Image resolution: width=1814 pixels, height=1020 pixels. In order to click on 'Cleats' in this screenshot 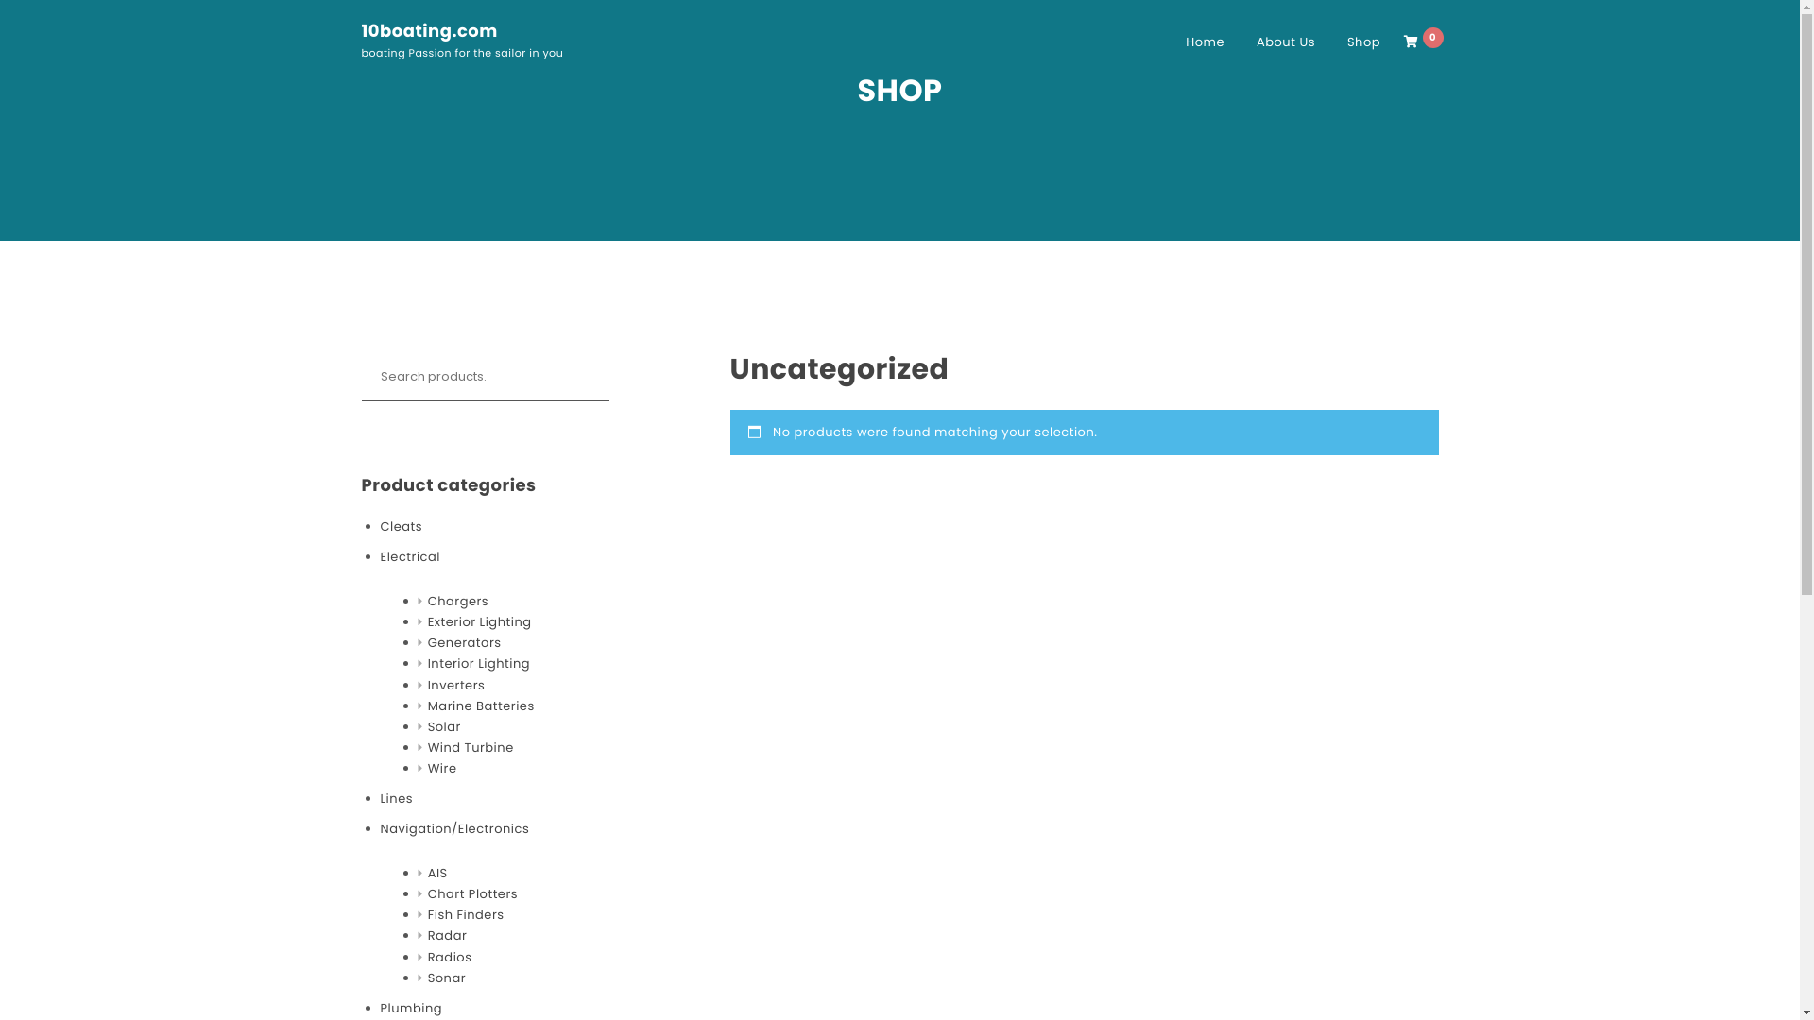, I will do `click(400, 527)`.